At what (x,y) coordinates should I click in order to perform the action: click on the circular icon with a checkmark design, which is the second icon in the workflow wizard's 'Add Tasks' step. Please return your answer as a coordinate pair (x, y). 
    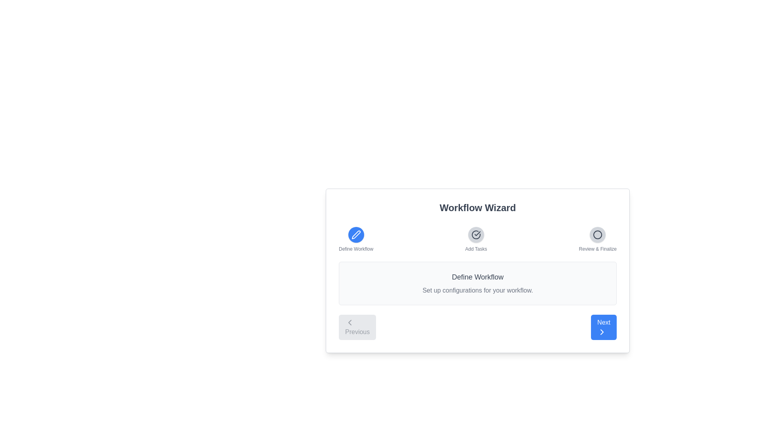
    Looking at the image, I should click on (475, 234).